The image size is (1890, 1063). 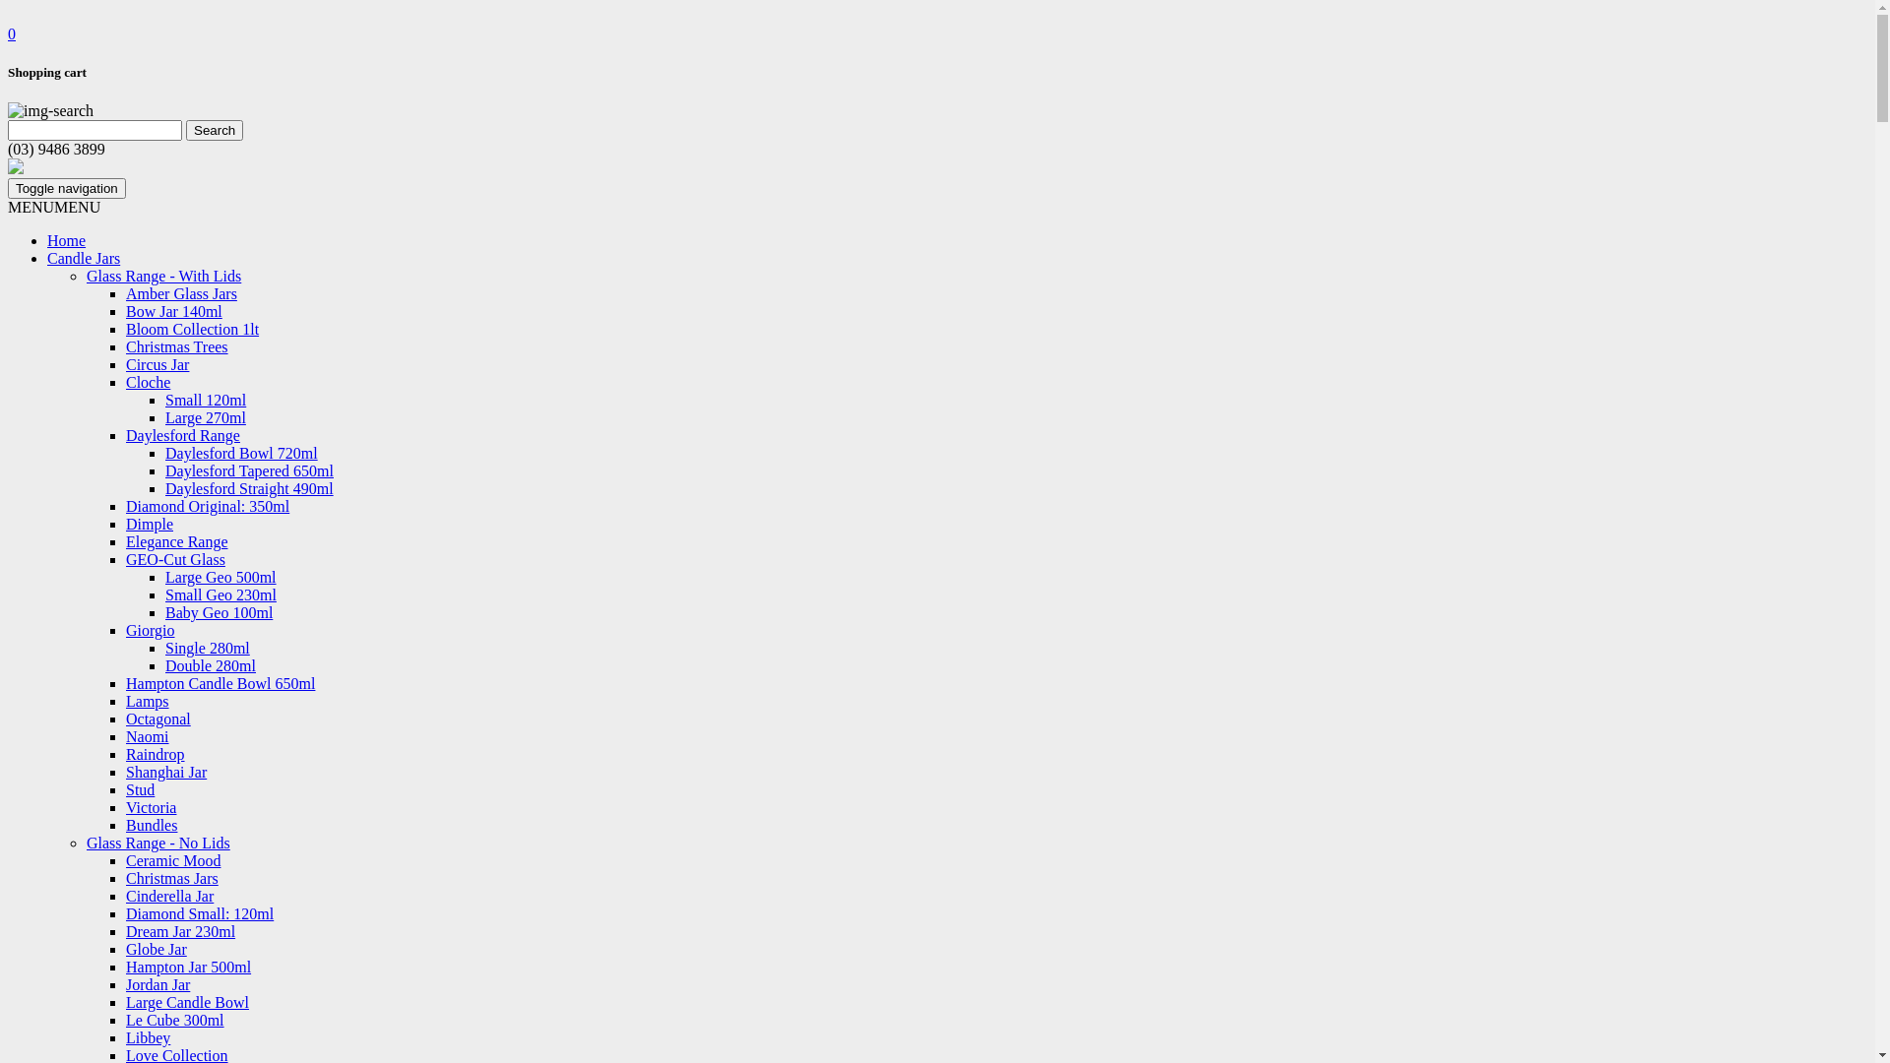 I want to click on 'Hampton Jar 500ml', so click(x=188, y=966).